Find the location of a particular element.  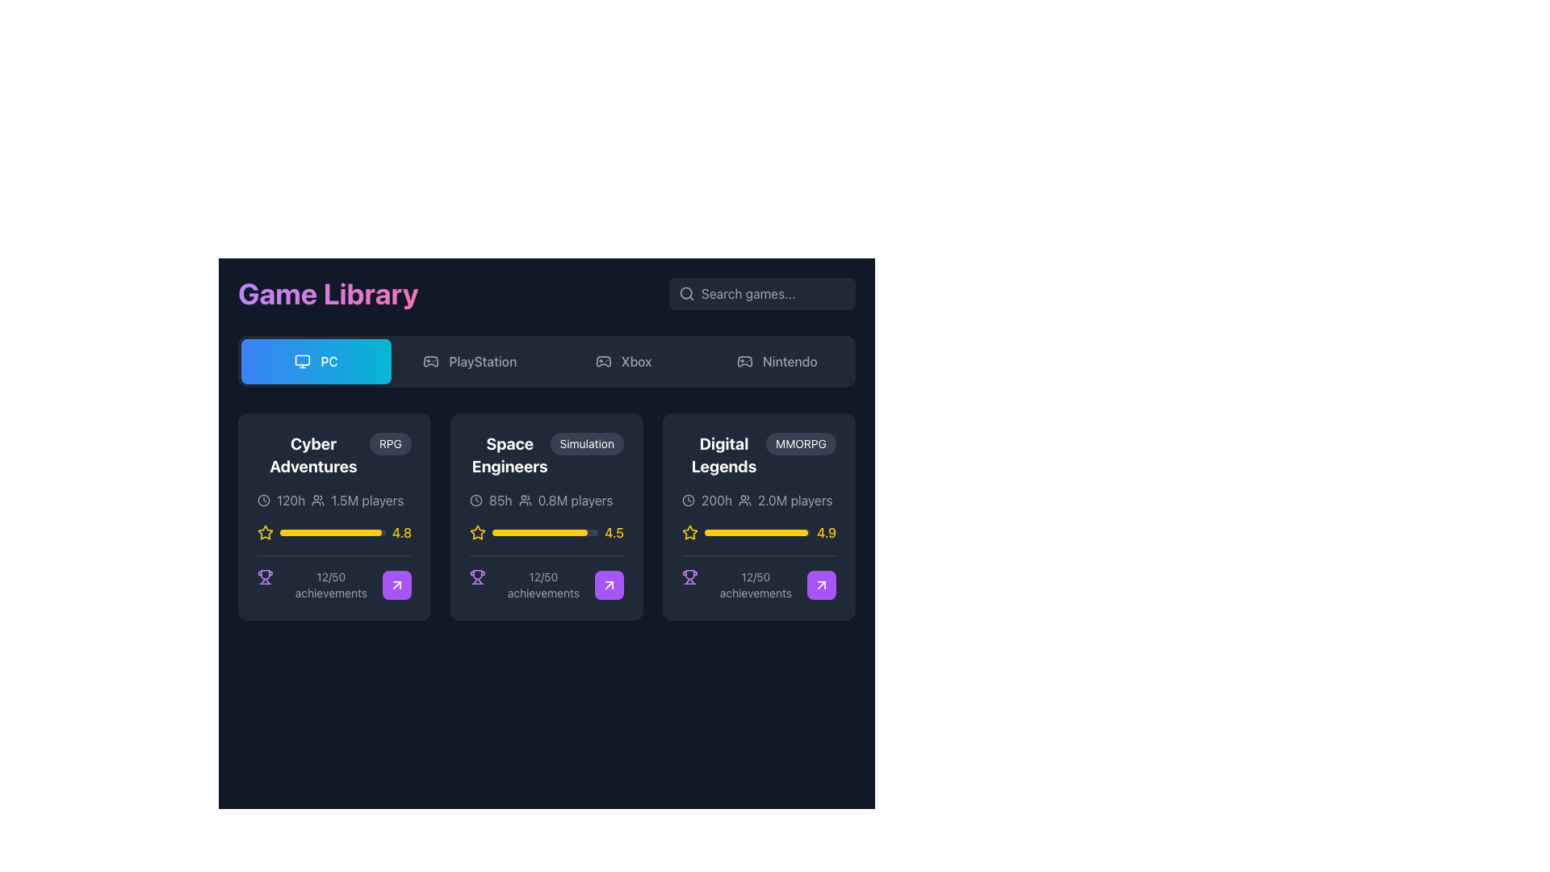

the 'Nintendo' button, which features a game controller icon on its left and is the fourth button in a horizontal row of platform buttons, to filter Nintendo content is located at coordinates (777, 360).